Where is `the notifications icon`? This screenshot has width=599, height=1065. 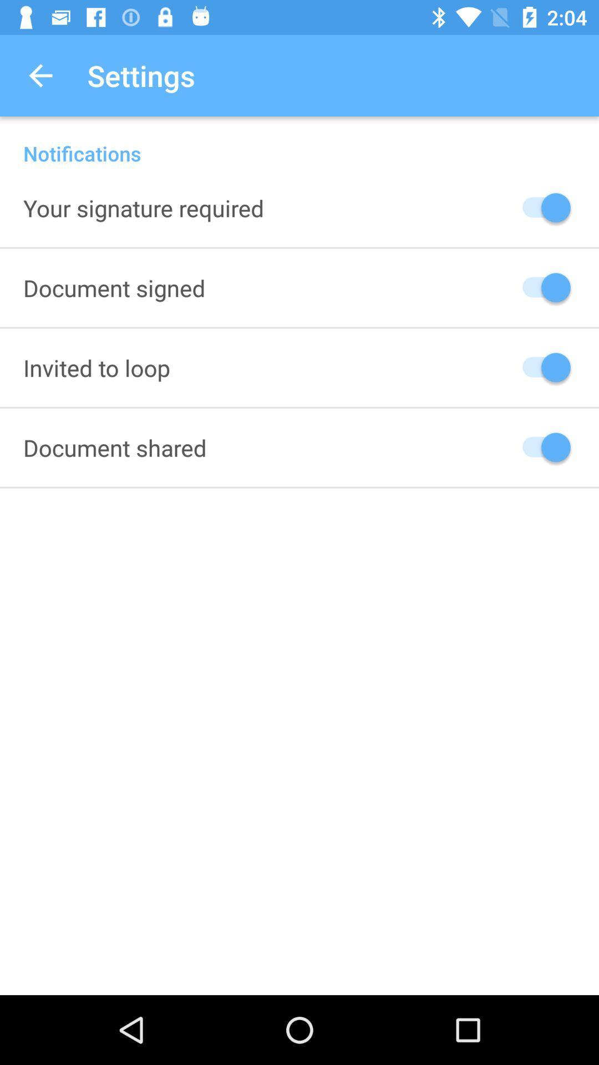
the notifications icon is located at coordinates (299, 141).